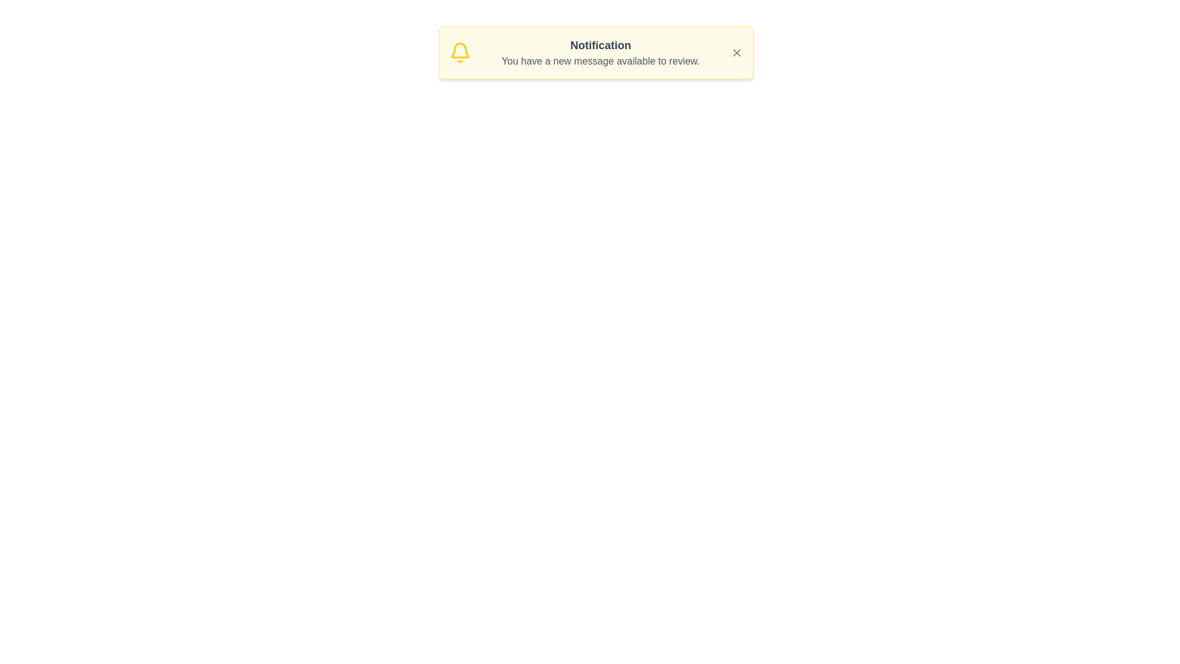 The height and width of the screenshot is (664, 1180). Describe the element at coordinates (459, 50) in the screenshot. I see `the yellow bell icon with a hollow interior located within the notification bar, positioned to the left of the notification text` at that location.